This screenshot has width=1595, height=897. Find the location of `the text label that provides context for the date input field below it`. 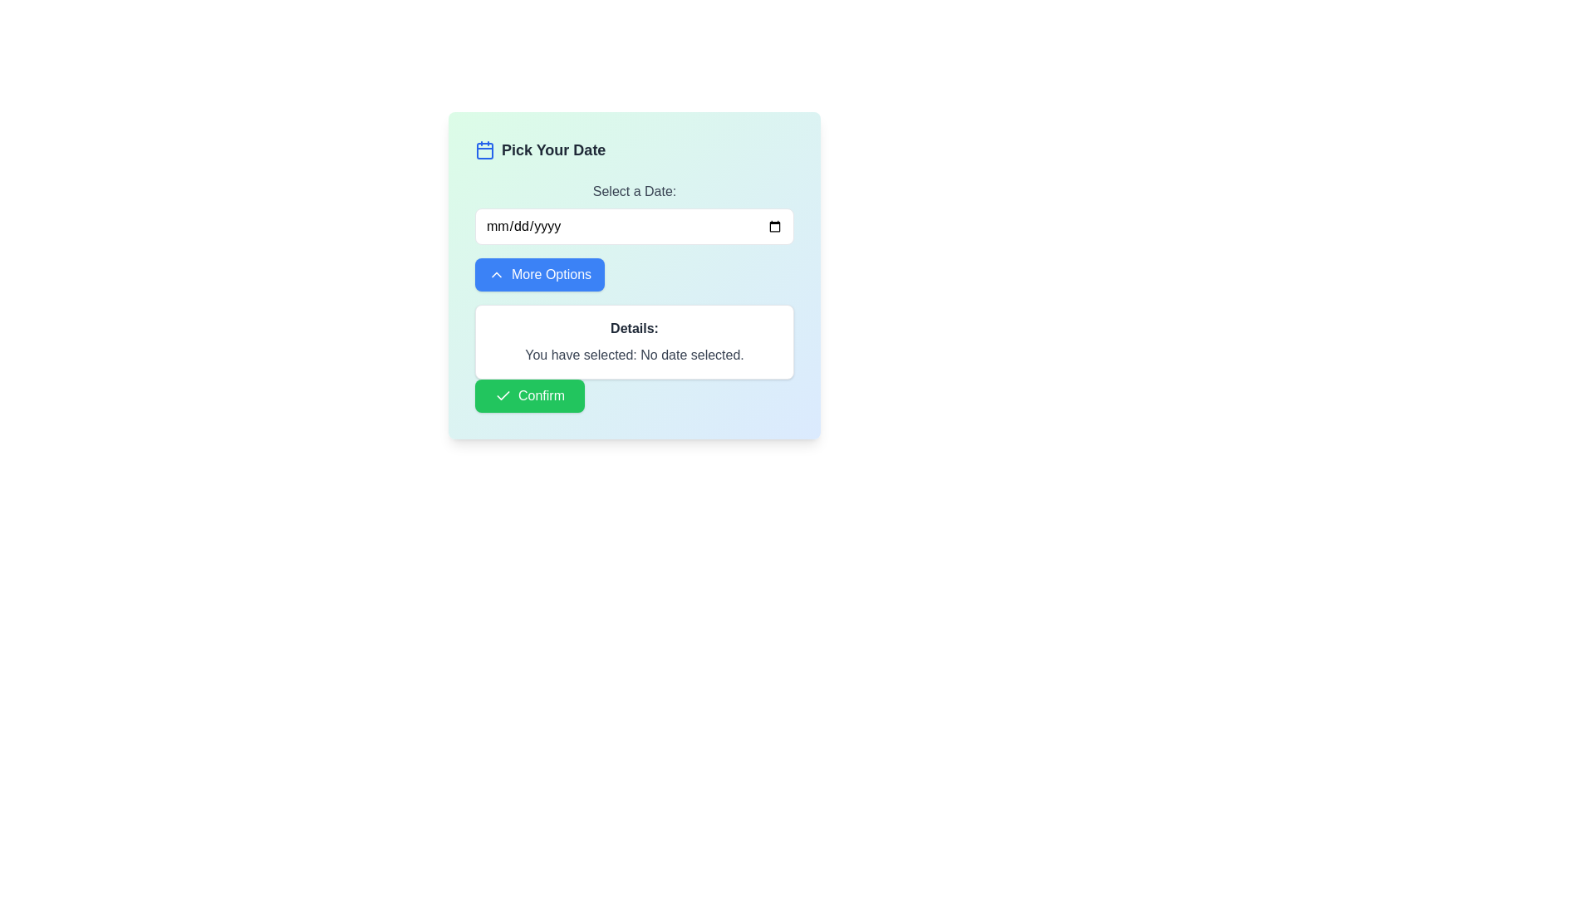

the text label that provides context for the date input field below it is located at coordinates (633, 191).